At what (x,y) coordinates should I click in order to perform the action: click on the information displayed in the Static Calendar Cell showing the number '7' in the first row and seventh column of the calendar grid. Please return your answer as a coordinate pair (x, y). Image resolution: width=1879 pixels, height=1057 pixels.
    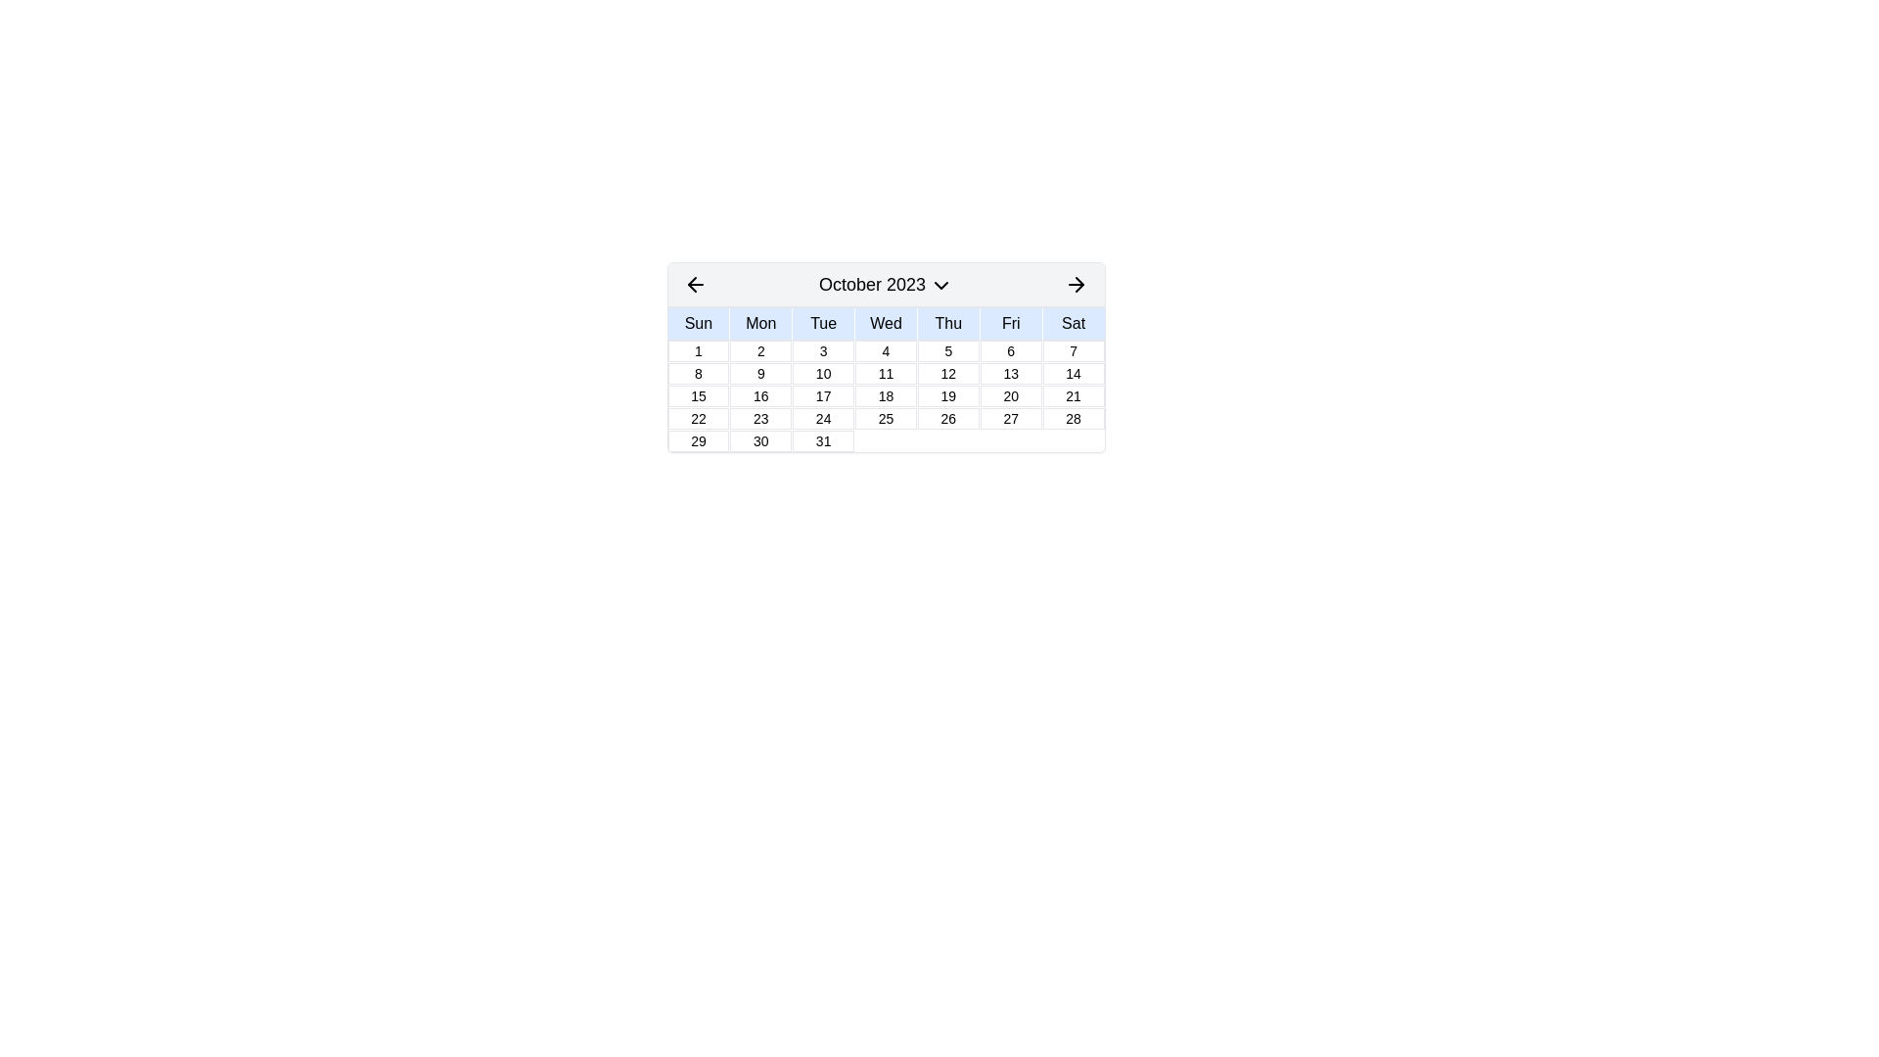
    Looking at the image, I should click on (1073, 349).